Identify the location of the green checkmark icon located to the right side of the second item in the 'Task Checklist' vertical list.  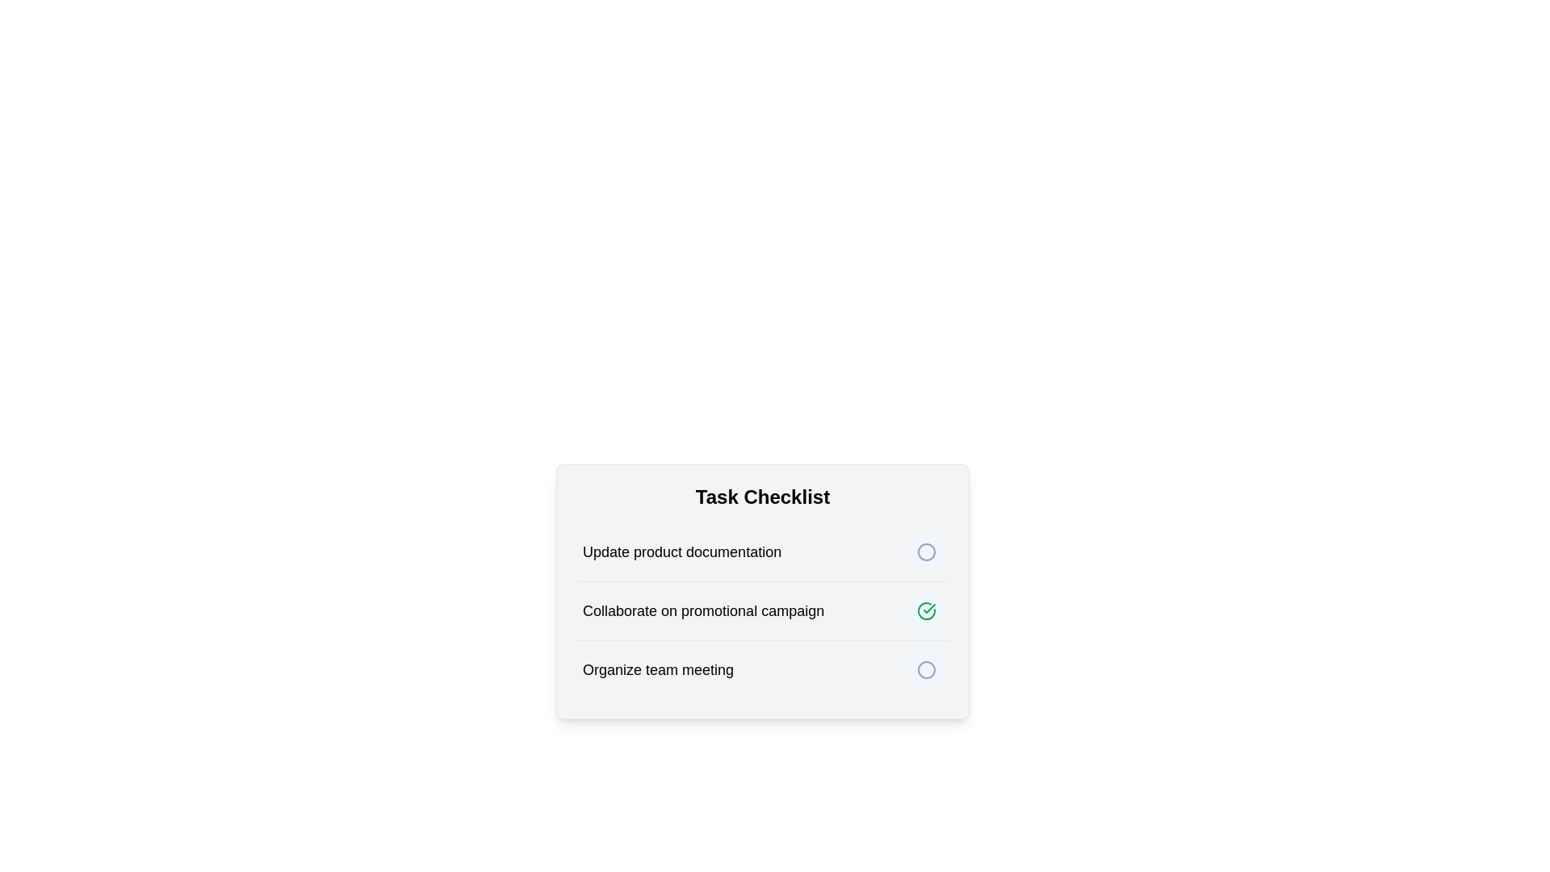
(929, 608).